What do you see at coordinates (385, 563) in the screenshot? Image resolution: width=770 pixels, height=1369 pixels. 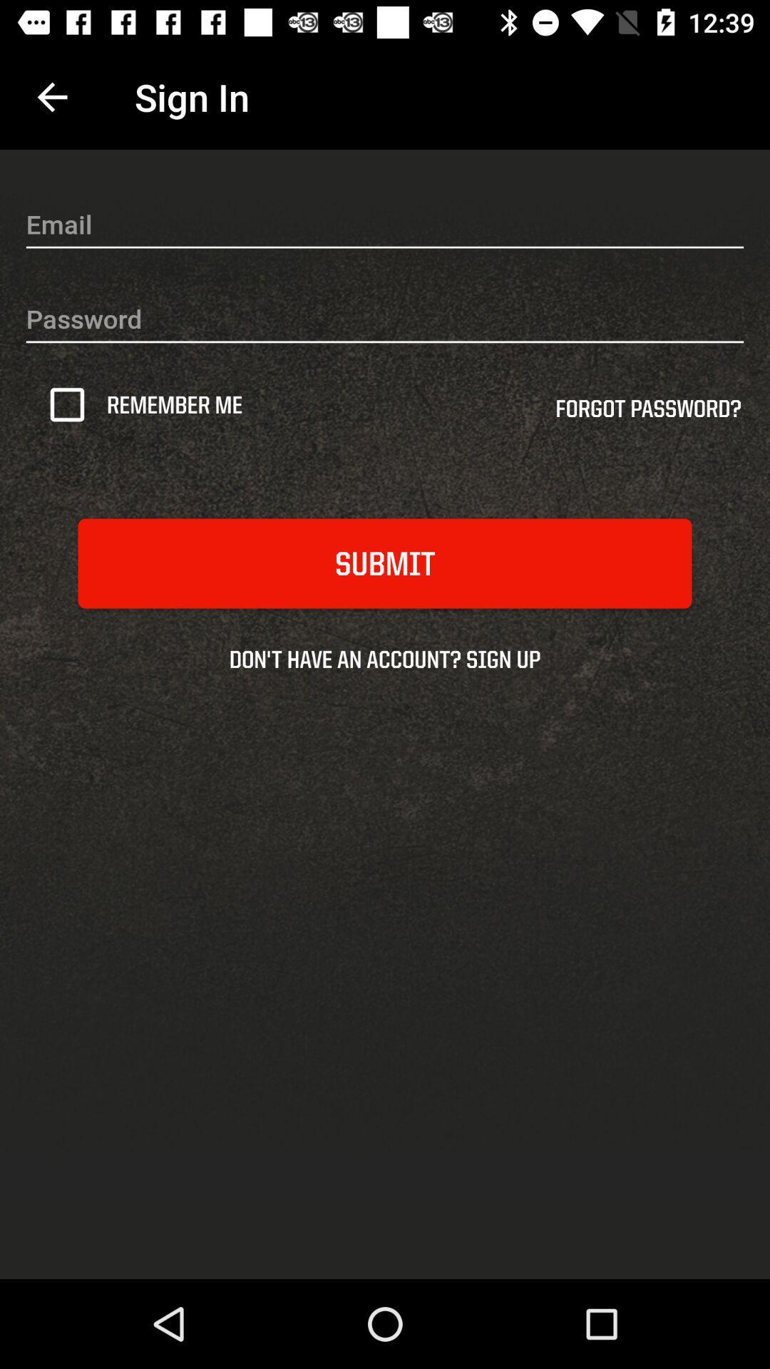 I see `the submit` at bounding box center [385, 563].